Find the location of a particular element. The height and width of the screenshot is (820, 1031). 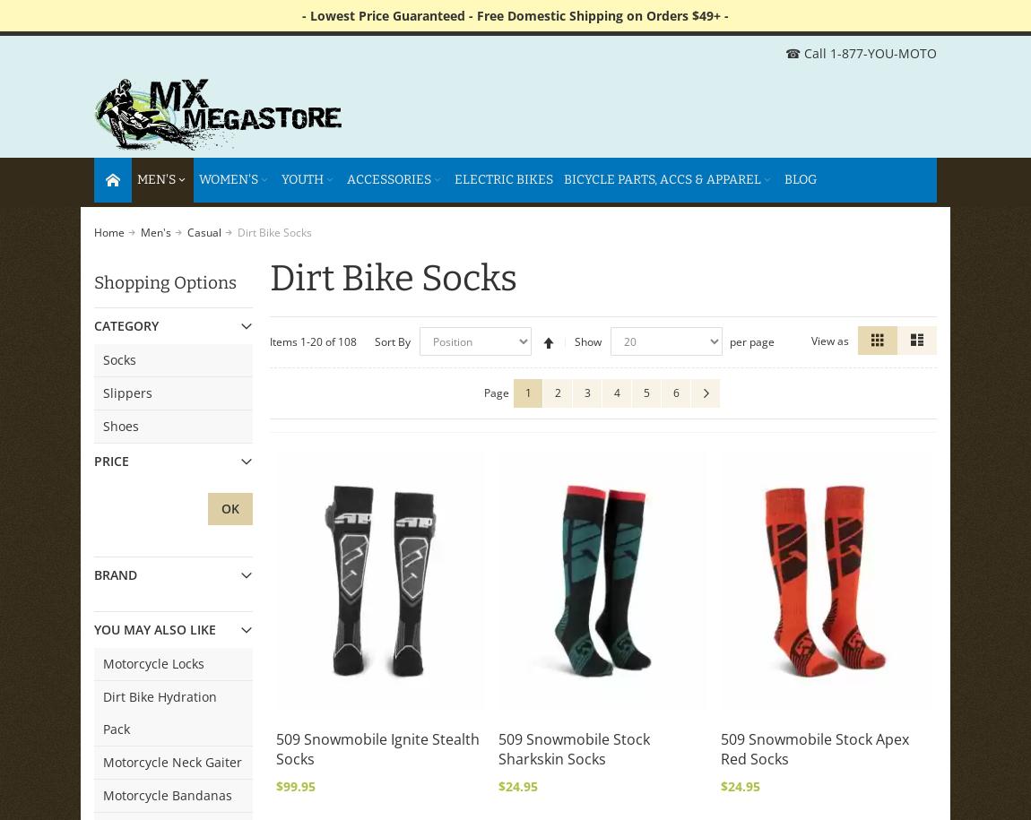

'- Lowest Price Guaranteed - Free Domestic Shipping on Orders $49+ -' is located at coordinates (515, 15).